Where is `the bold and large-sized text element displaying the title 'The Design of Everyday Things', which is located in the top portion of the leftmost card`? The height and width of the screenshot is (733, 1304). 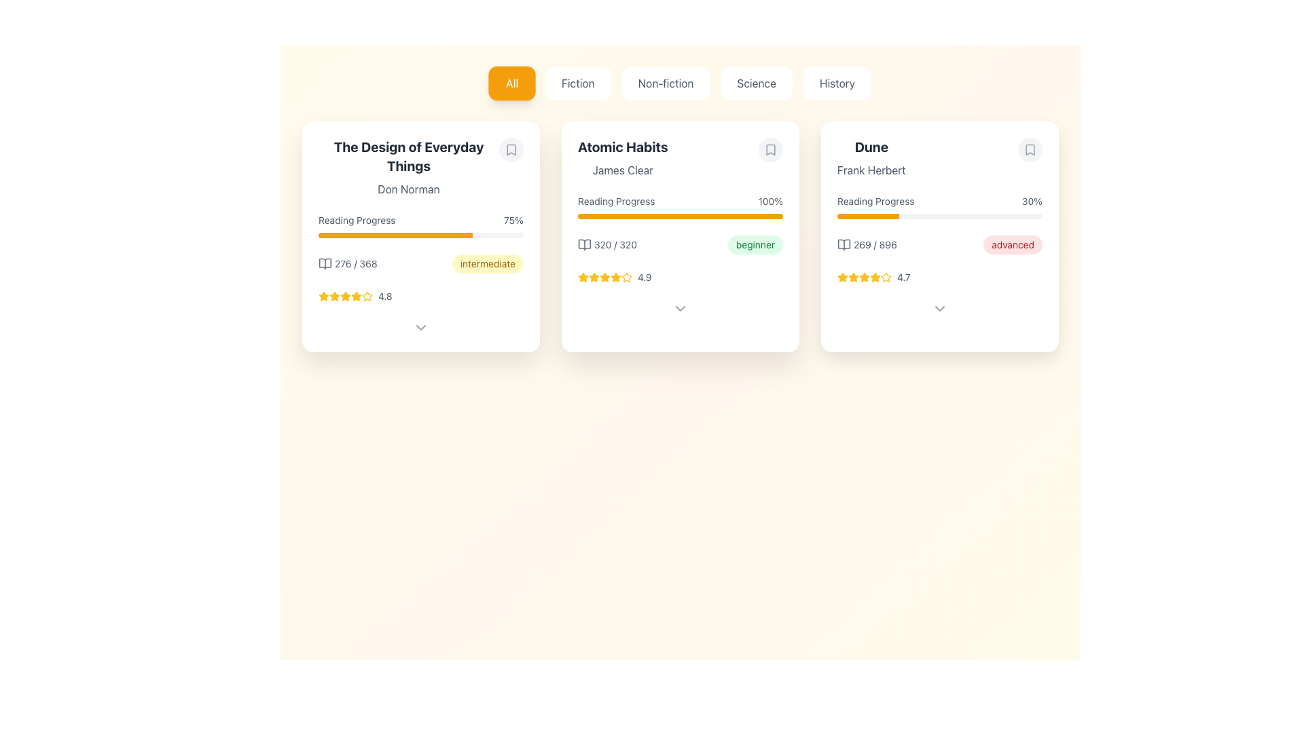 the bold and large-sized text element displaying the title 'The Design of Everyday Things', which is located in the top portion of the leftmost card is located at coordinates (407, 156).